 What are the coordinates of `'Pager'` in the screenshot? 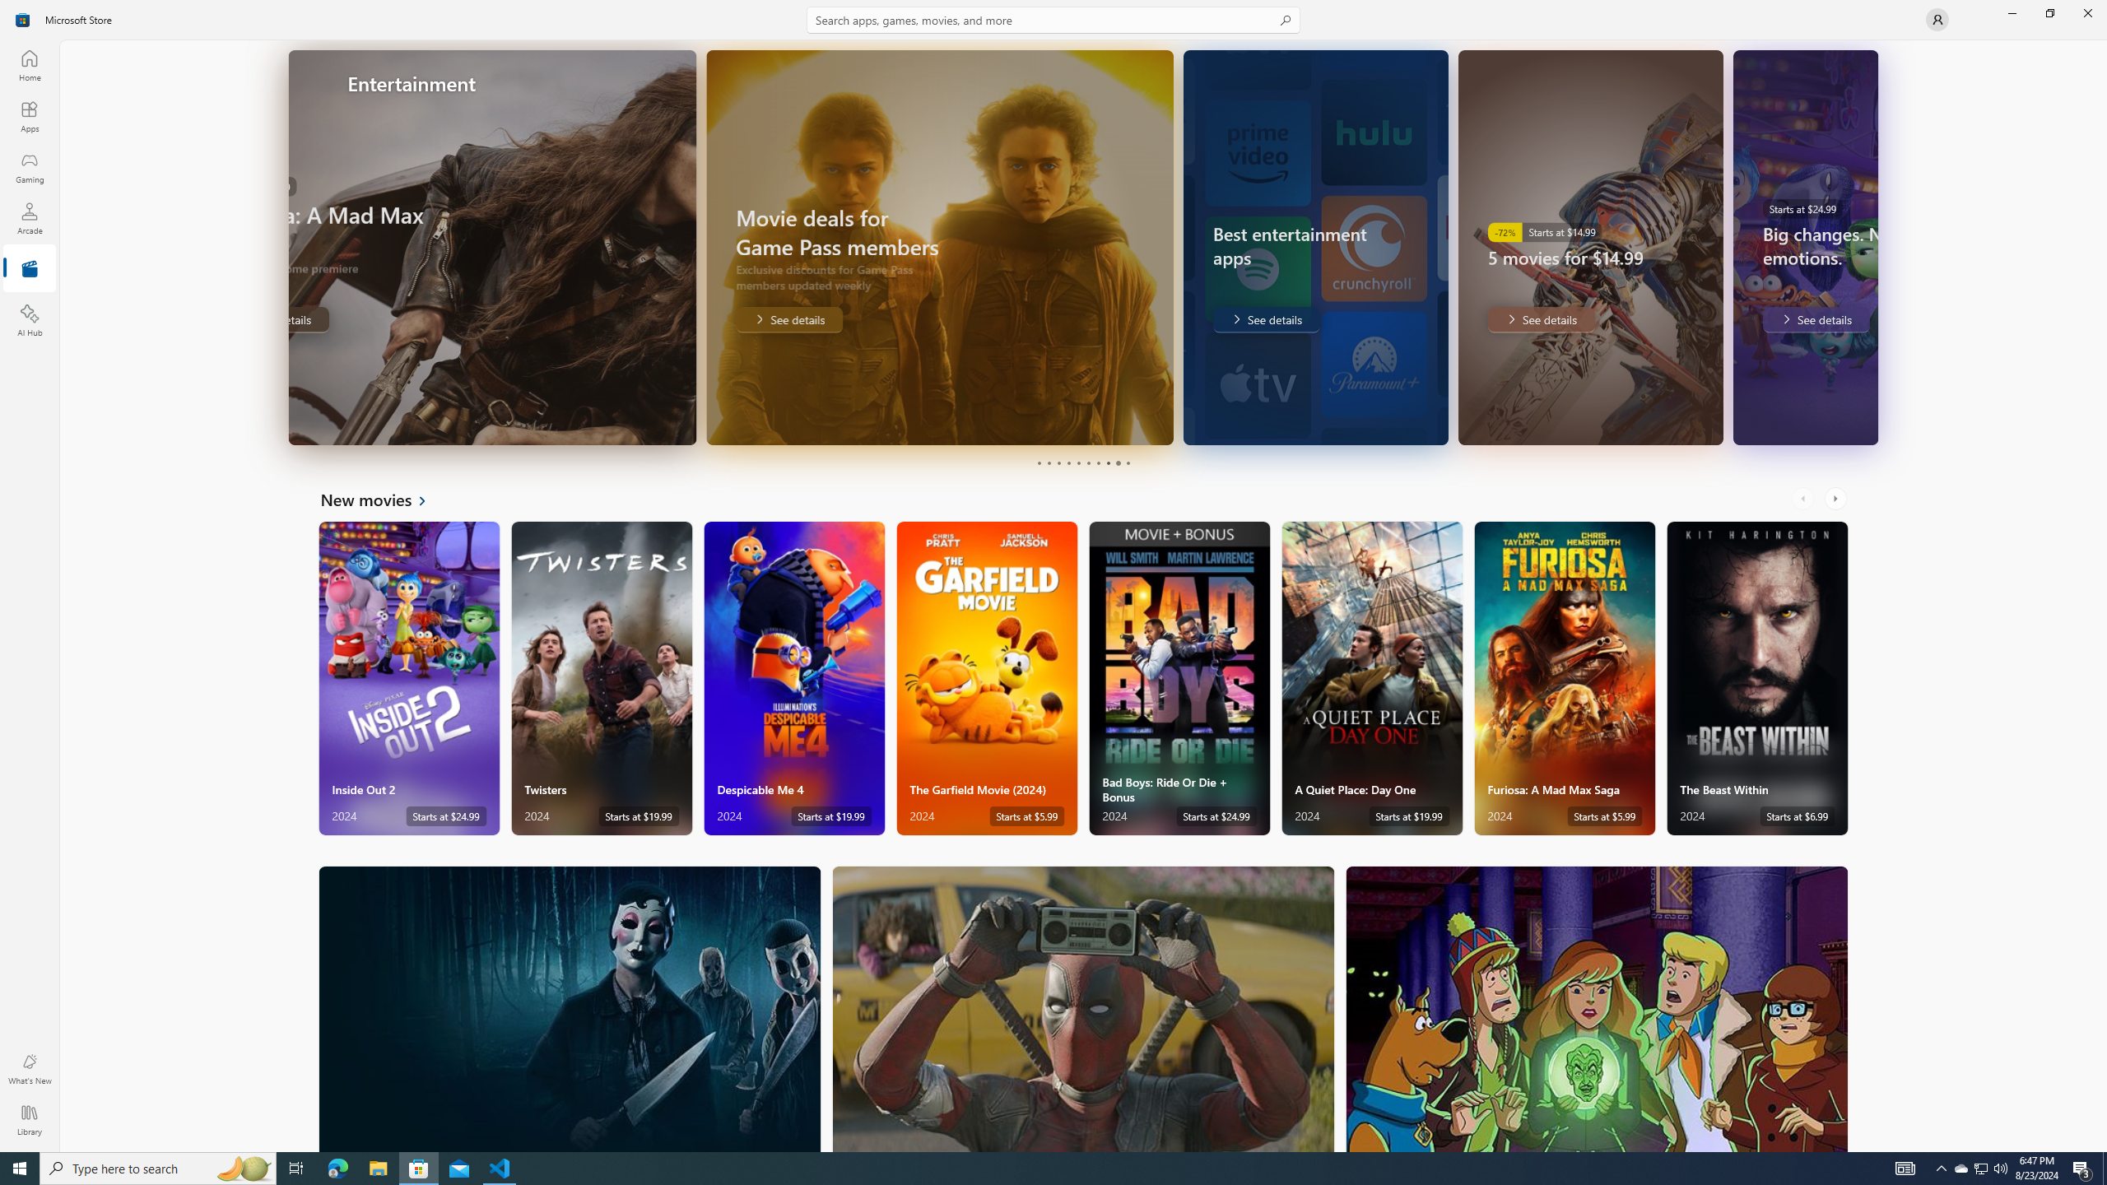 It's located at (1083, 462).